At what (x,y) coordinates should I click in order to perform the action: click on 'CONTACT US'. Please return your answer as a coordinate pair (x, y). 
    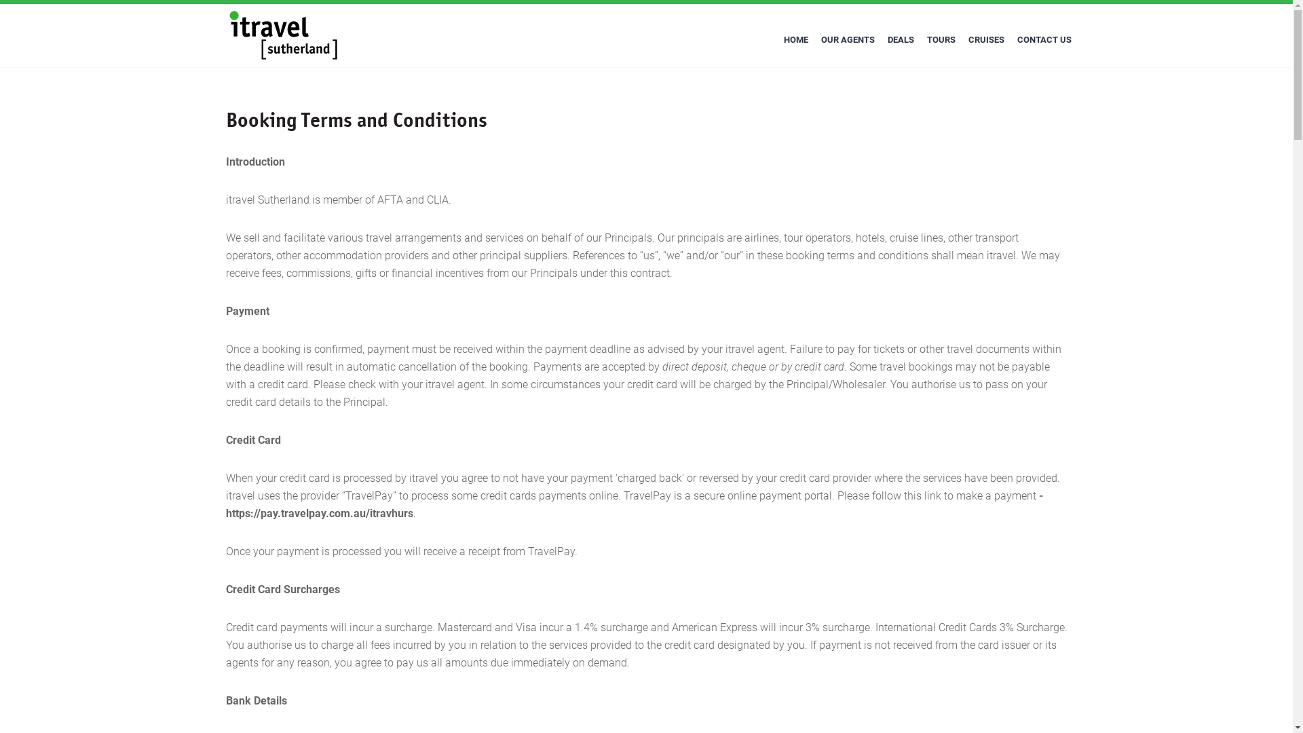
    Looking at the image, I should click on (1044, 39).